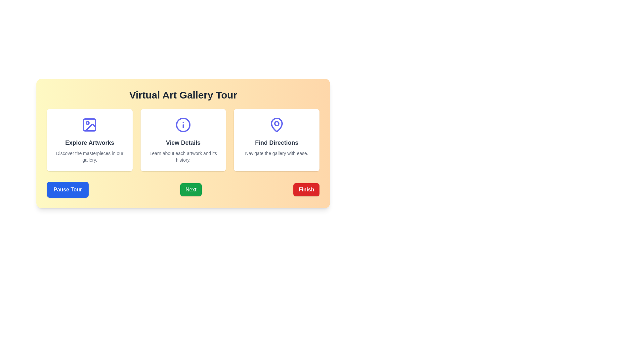  Describe the element at coordinates (276, 125) in the screenshot. I see `the location icon that signifies the 'Find Directions' feature, which is the third icon in a horizontal group below the 'Virtual Art Gallery Tour' text` at that location.